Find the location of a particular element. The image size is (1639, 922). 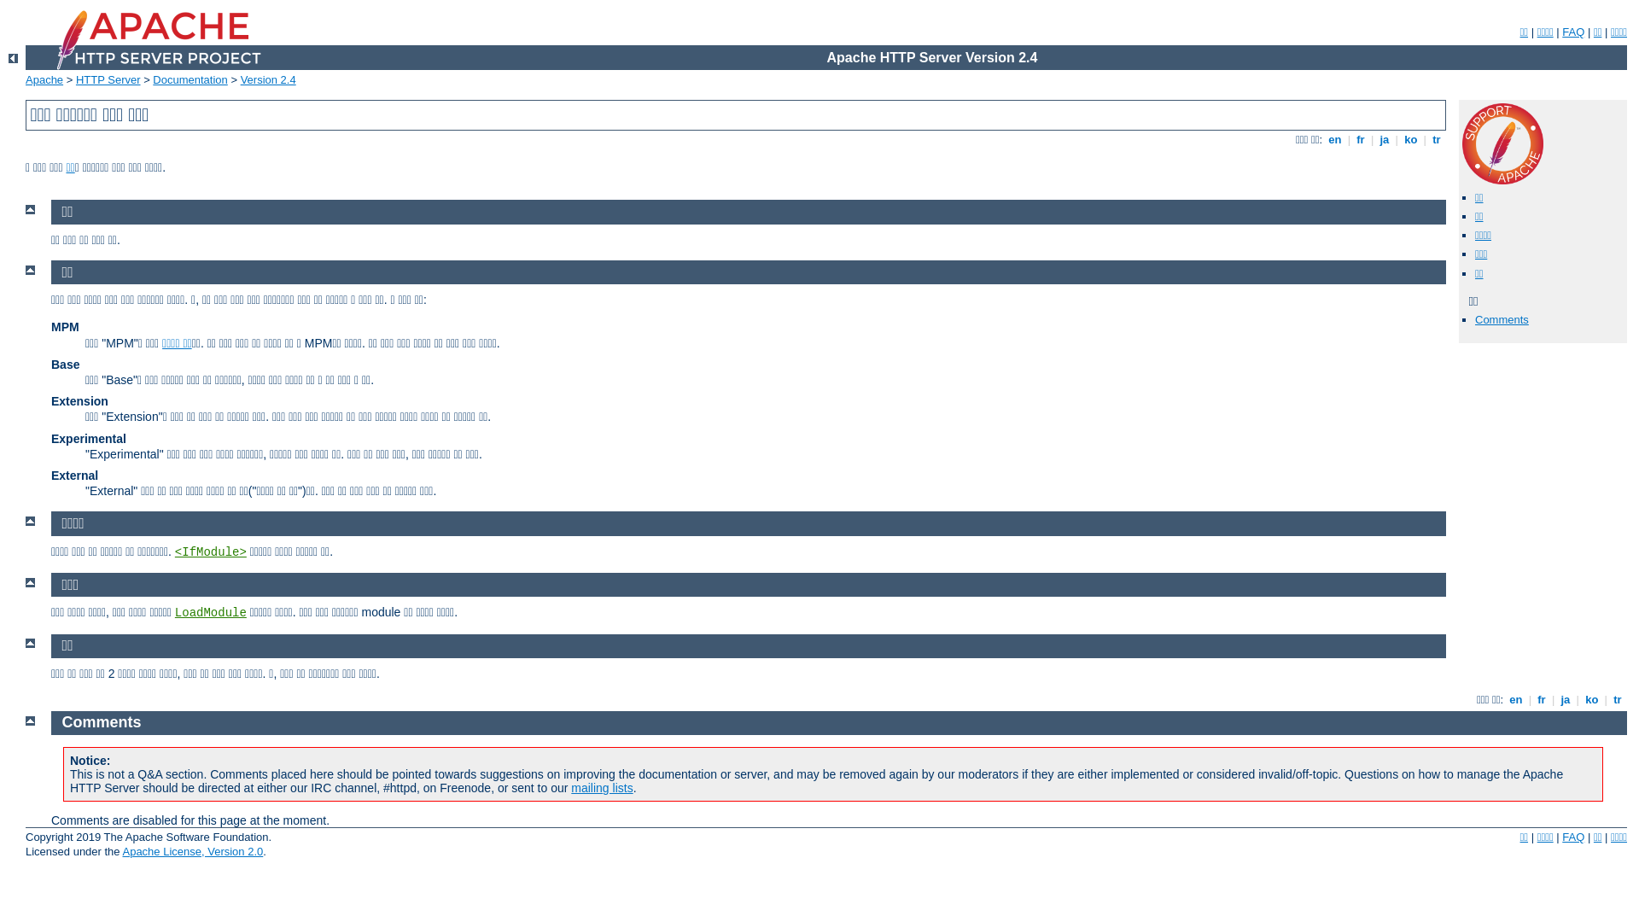

'LoadModule' is located at coordinates (209, 611).